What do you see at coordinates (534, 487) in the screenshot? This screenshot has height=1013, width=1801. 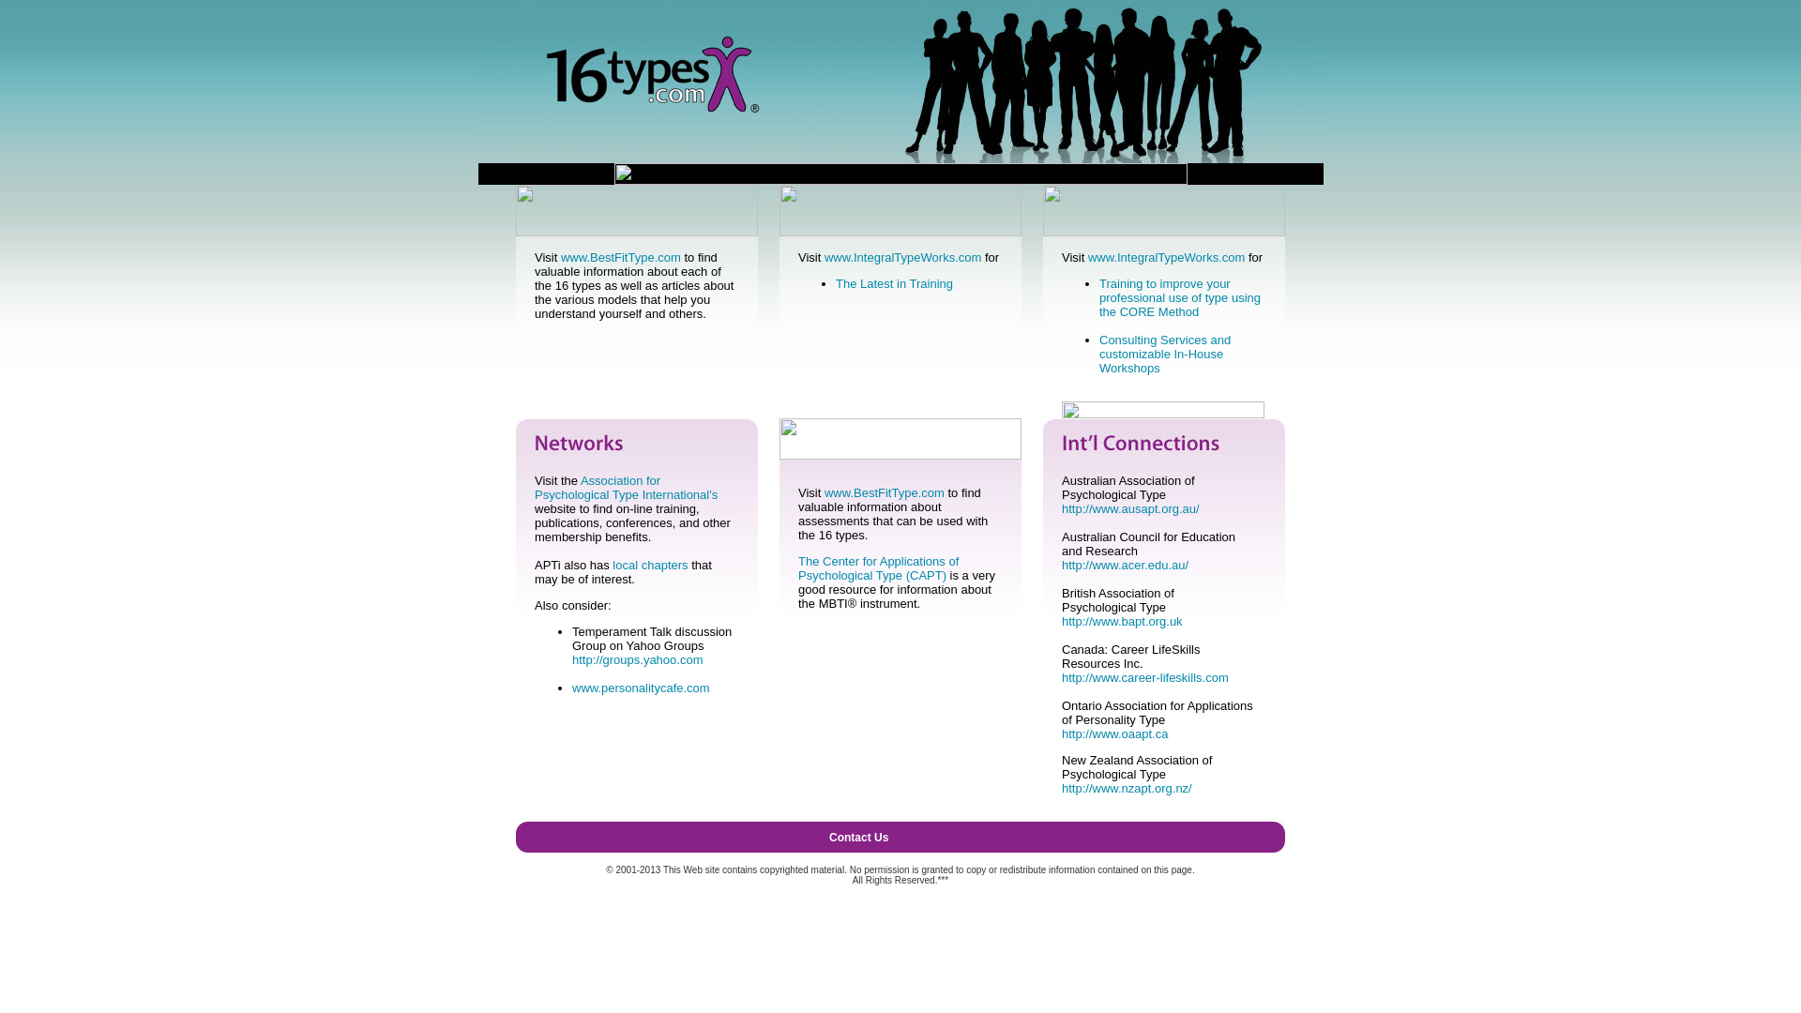 I see `'Association for Psychological Type International's'` at bounding box center [534, 487].